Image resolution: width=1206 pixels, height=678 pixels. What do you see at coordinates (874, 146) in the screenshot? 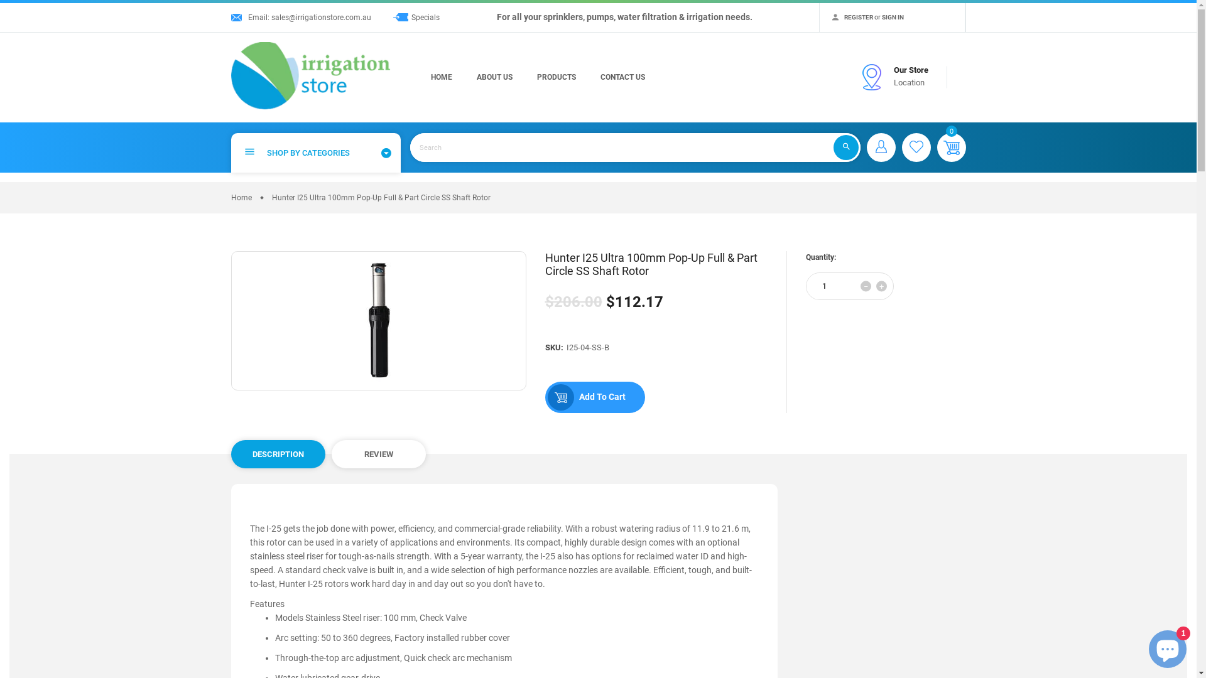
I see `'Sign in'` at bounding box center [874, 146].